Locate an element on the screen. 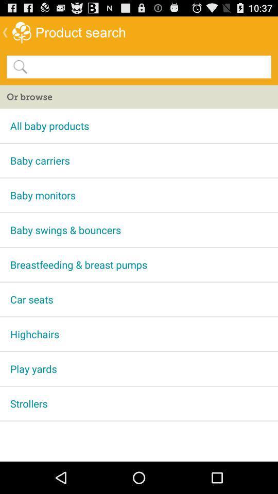  the baby swings & bouncers is located at coordinates (139, 230).